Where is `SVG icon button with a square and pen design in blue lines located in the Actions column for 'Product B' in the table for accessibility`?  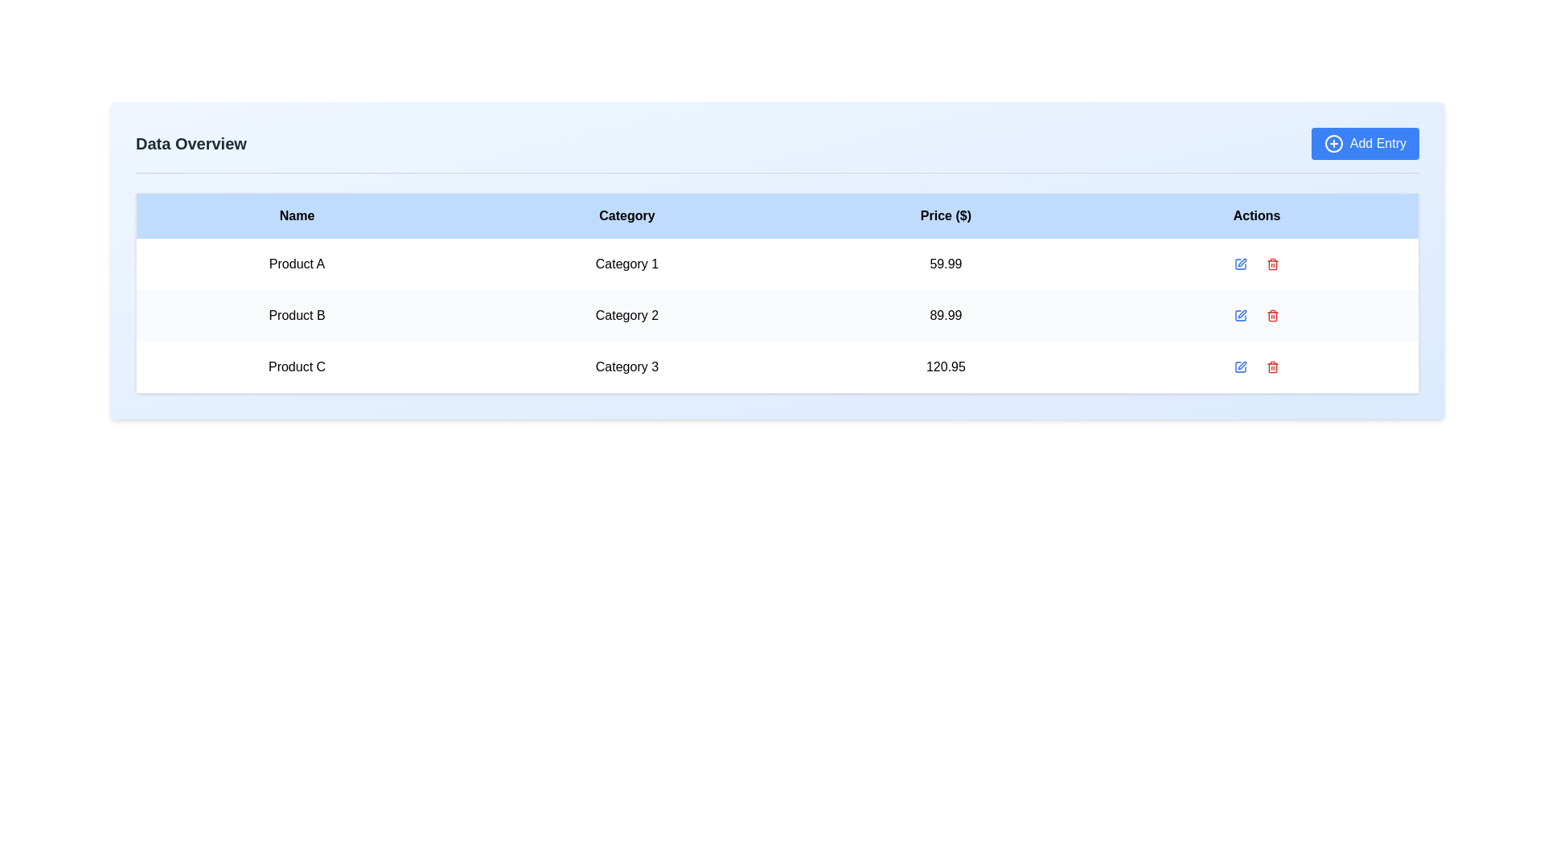 SVG icon button with a square and pen design in blue lines located in the Actions column for 'Product B' in the table for accessibility is located at coordinates (1239, 316).